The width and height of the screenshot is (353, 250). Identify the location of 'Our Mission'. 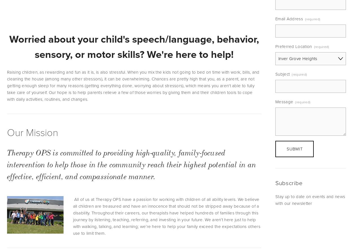
(32, 132).